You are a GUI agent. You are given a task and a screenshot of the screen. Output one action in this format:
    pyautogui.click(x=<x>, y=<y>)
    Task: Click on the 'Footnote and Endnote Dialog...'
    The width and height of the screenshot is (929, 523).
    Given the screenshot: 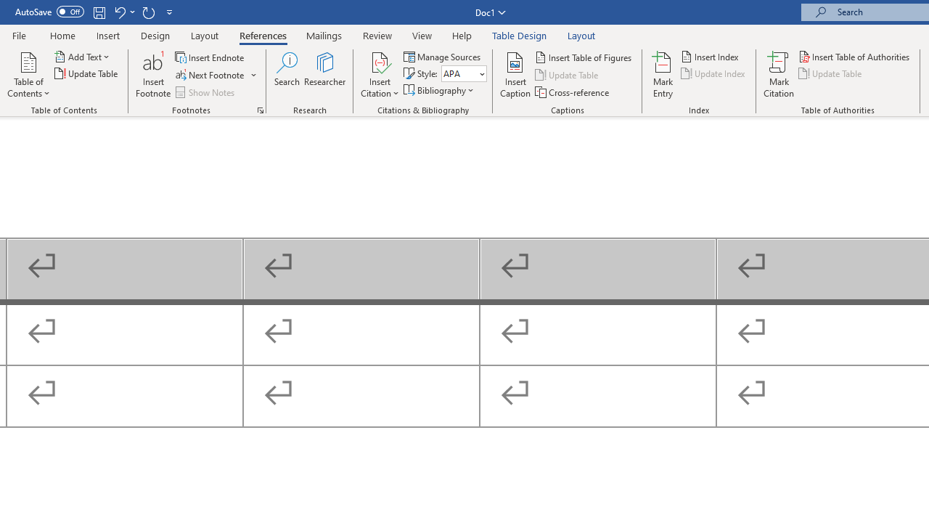 What is the action you would take?
    pyautogui.click(x=261, y=109)
    